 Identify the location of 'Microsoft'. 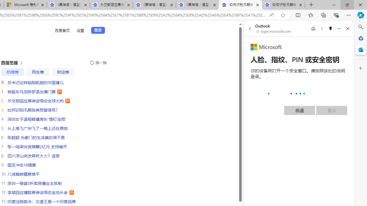
(266, 47).